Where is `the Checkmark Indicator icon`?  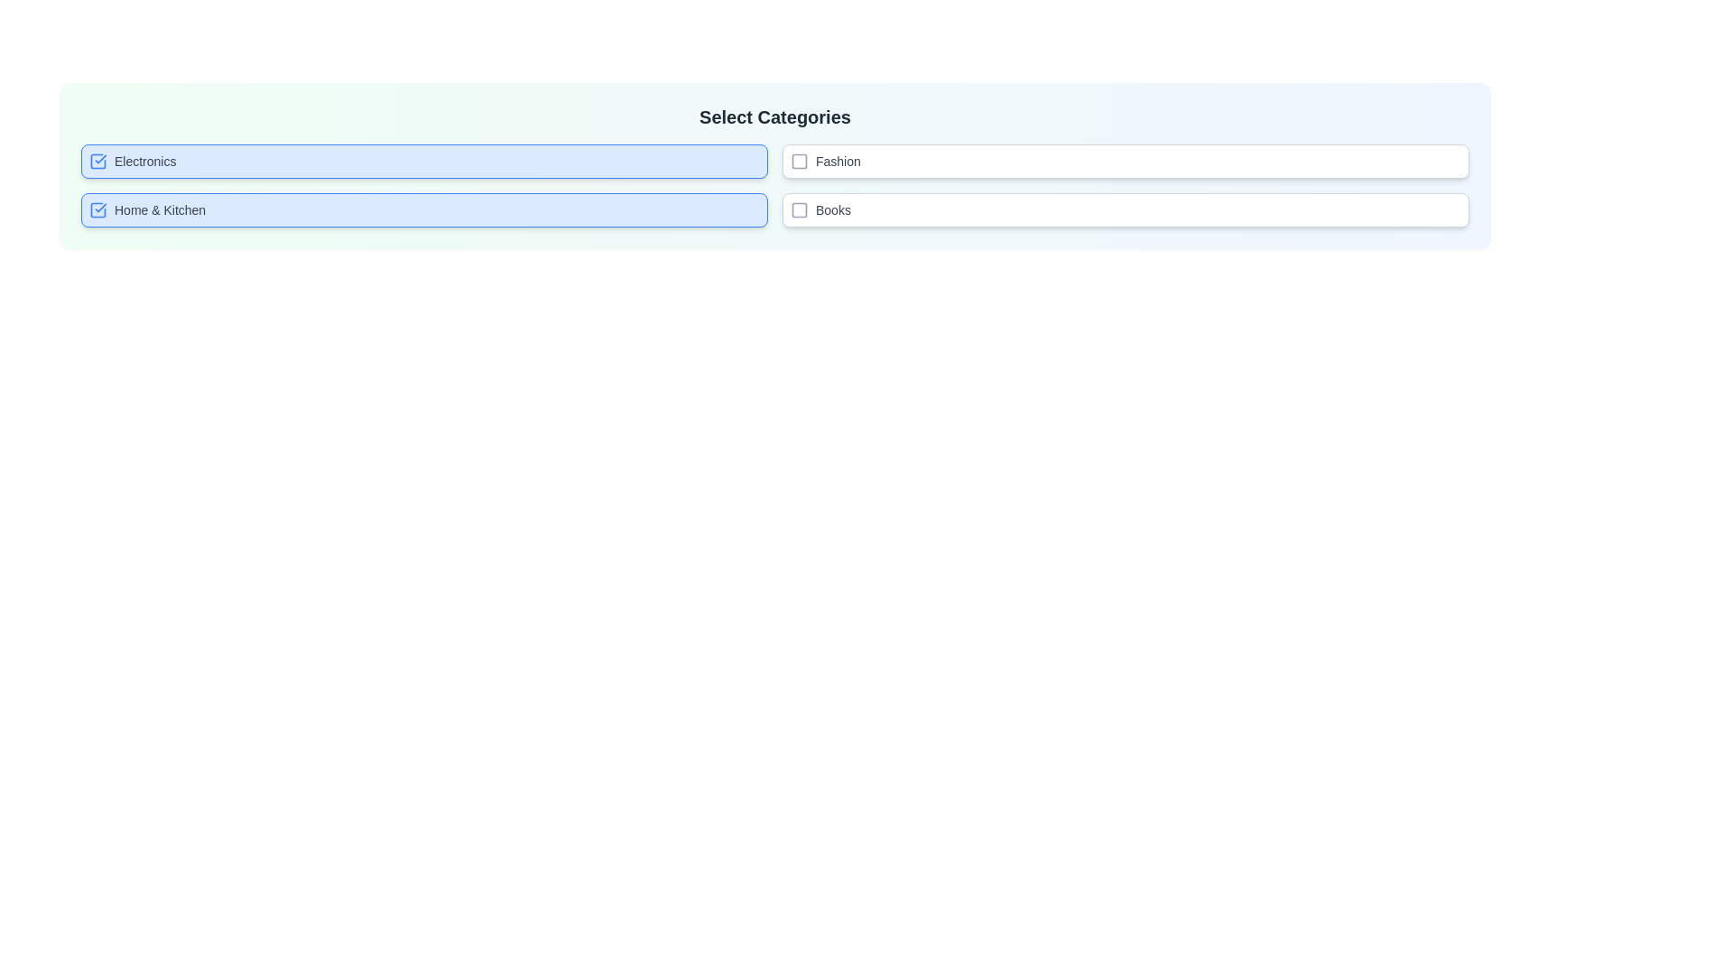
the Checkmark Indicator icon is located at coordinates (97, 160).